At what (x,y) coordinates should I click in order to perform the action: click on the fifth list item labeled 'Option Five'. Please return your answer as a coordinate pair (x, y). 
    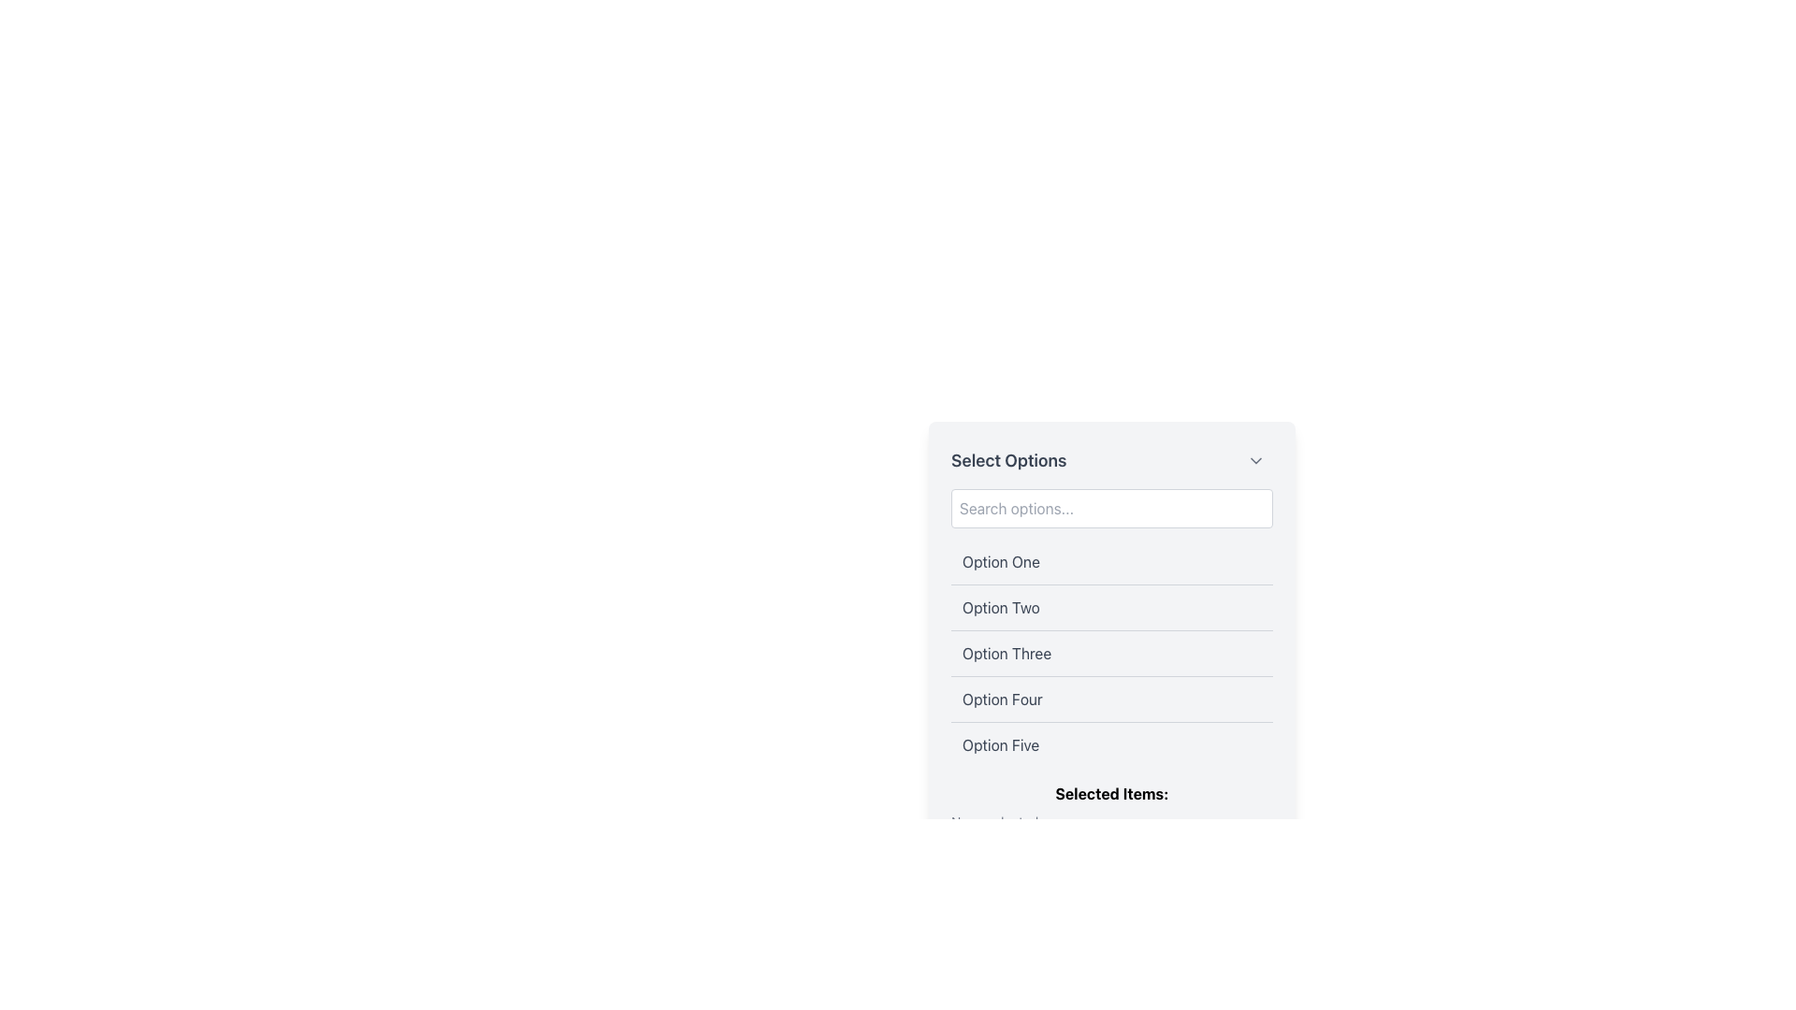
    Looking at the image, I should click on (1112, 743).